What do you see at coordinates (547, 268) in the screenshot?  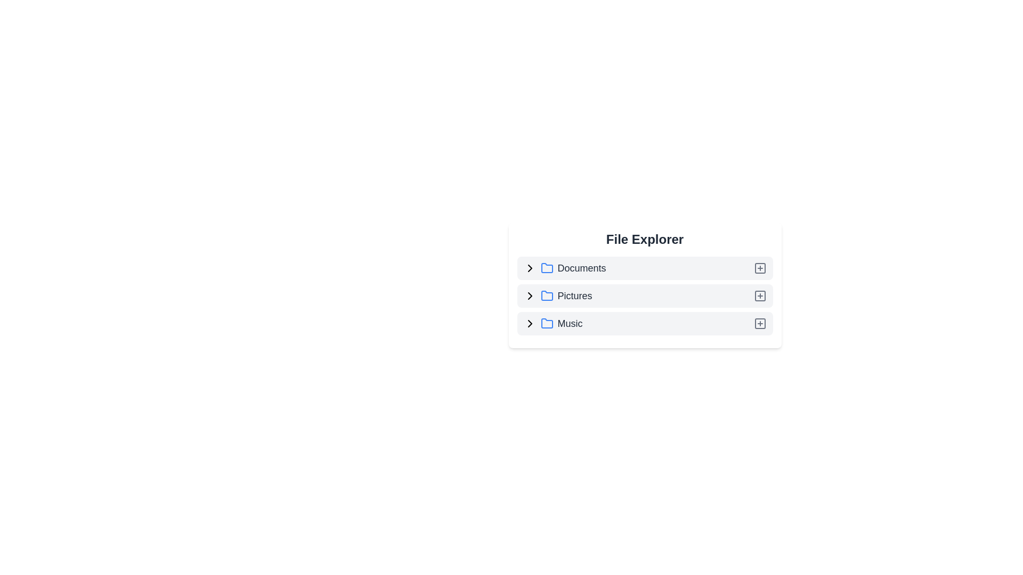 I see `the folder icon for Documents to expand or collapse its contents` at bounding box center [547, 268].